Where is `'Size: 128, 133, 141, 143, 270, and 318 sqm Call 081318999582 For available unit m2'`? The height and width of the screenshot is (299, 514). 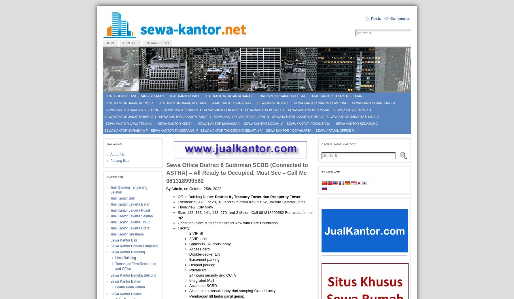 'Size: 128, 133, 141, 143, 270, and 318 sqm Call 081318999582 For available unit m2' is located at coordinates (245, 215).